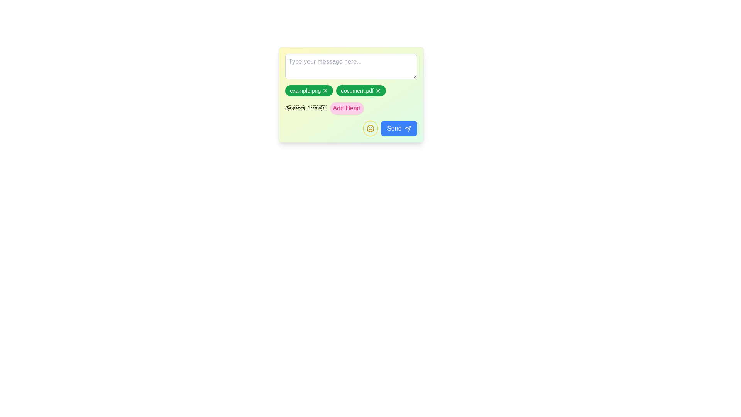  What do you see at coordinates (407, 128) in the screenshot?
I see `the 'Send' icon in the lower-right corner of the interface to trigger surrounding elements for indirect functionality` at bounding box center [407, 128].